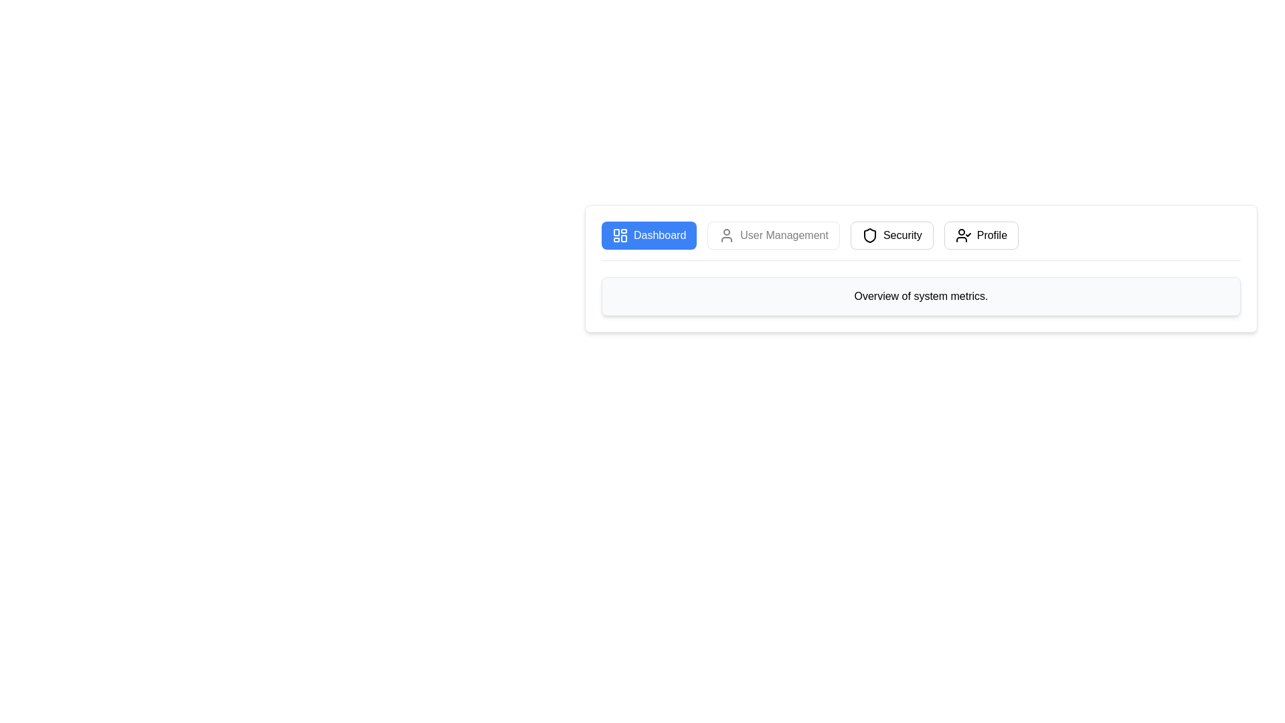 The image size is (1285, 723). What do you see at coordinates (981, 234) in the screenshot?
I see `the 'Profile' button, which is a rectangular button with rounded corners containing a user icon and the text 'Profile'. It is the last button in a group of navigation options, located immediately to the right of the 'Security' button` at bounding box center [981, 234].